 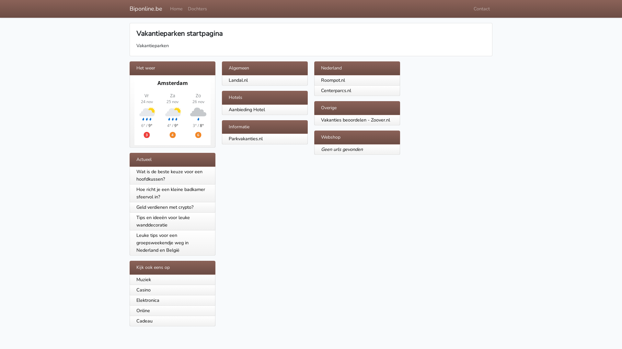 What do you see at coordinates (228, 109) in the screenshot?
I see `'Aanbieding Hotel'` at bounding box center [228, 109].